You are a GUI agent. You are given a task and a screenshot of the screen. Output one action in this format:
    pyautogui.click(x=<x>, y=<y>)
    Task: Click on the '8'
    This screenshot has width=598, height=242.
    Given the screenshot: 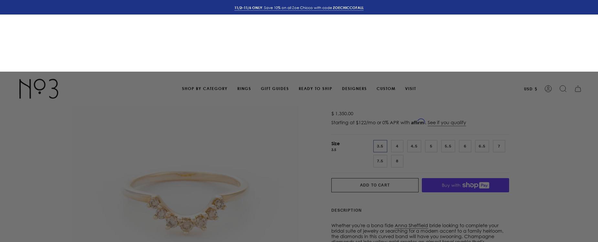 What is the action you would take?
    pyautogui.click(x=397, y=89)
    